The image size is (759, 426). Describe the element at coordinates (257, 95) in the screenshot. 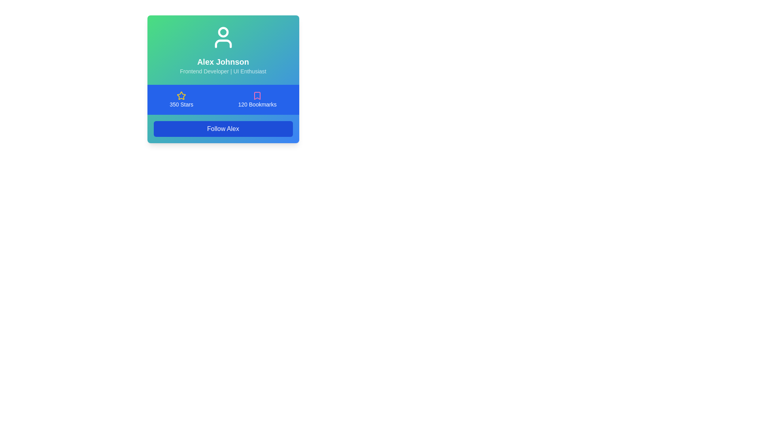

I see `the bookmark icon with a pink outline against a blue background, which is positioned to the right of '350 Stars' and above '120 Bookmarks'` at that location.